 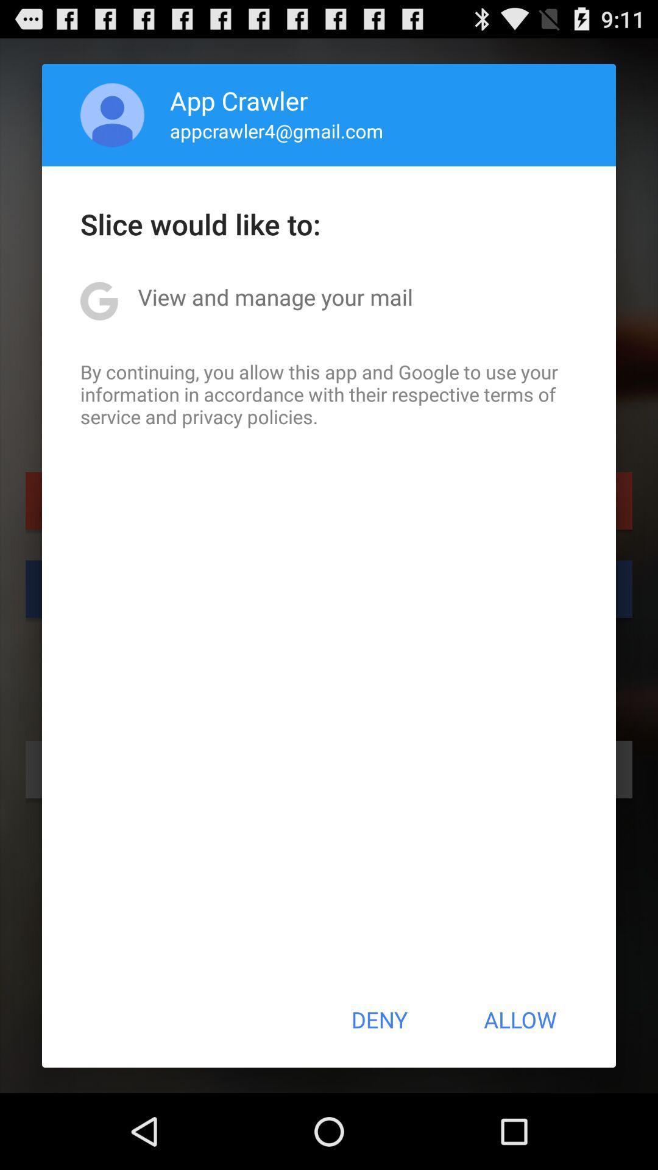 I want to click on appcrawler4@gmail.com app, so click(x=277, y=130).